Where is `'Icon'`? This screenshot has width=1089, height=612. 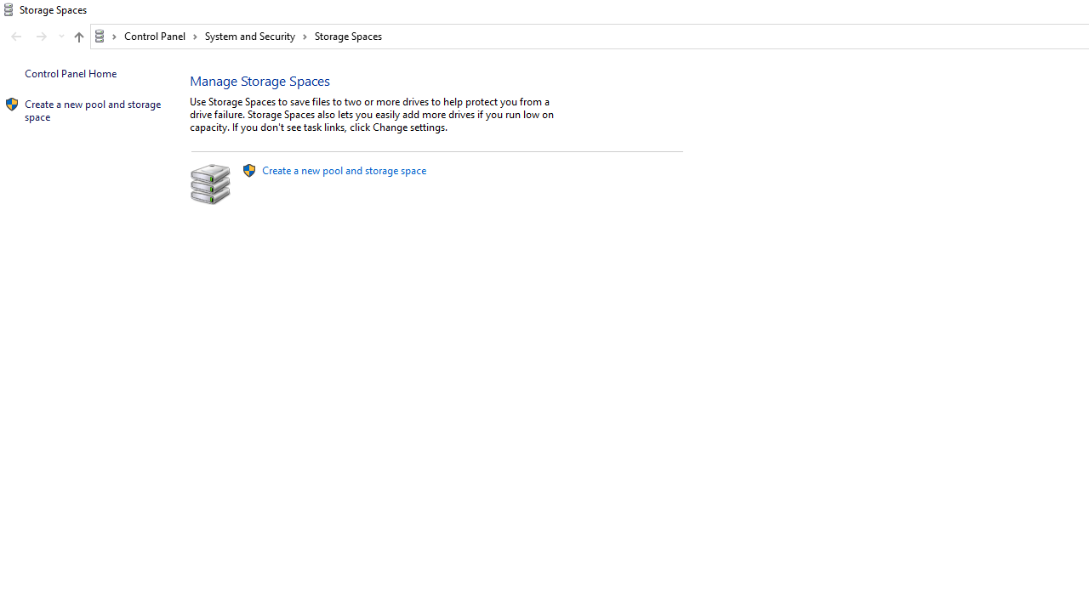 'Icon' is located at coordinates (12, 105).